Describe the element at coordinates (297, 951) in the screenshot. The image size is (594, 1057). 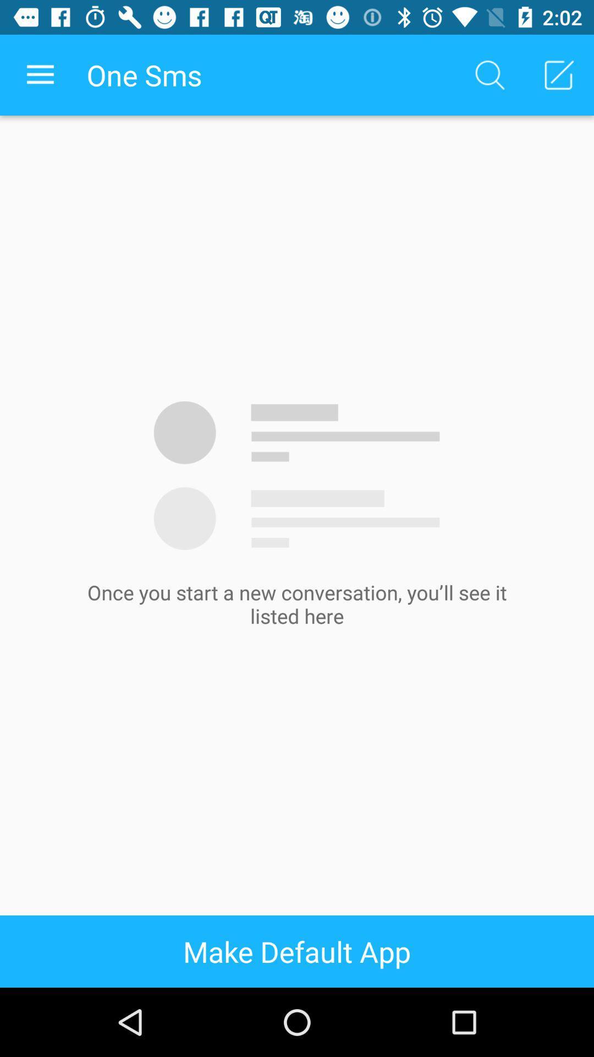
I see `icon at the bottom` at that location.